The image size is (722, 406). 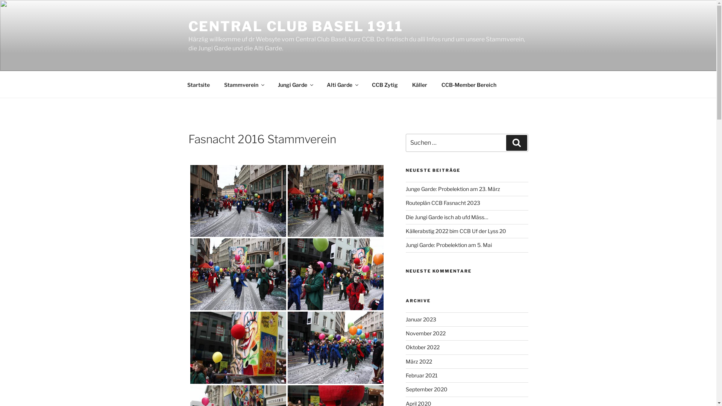 What do you see at coordinates (426, 333) in the screenshot?
I see `'November 2022'` at bounding box center [426, 333].